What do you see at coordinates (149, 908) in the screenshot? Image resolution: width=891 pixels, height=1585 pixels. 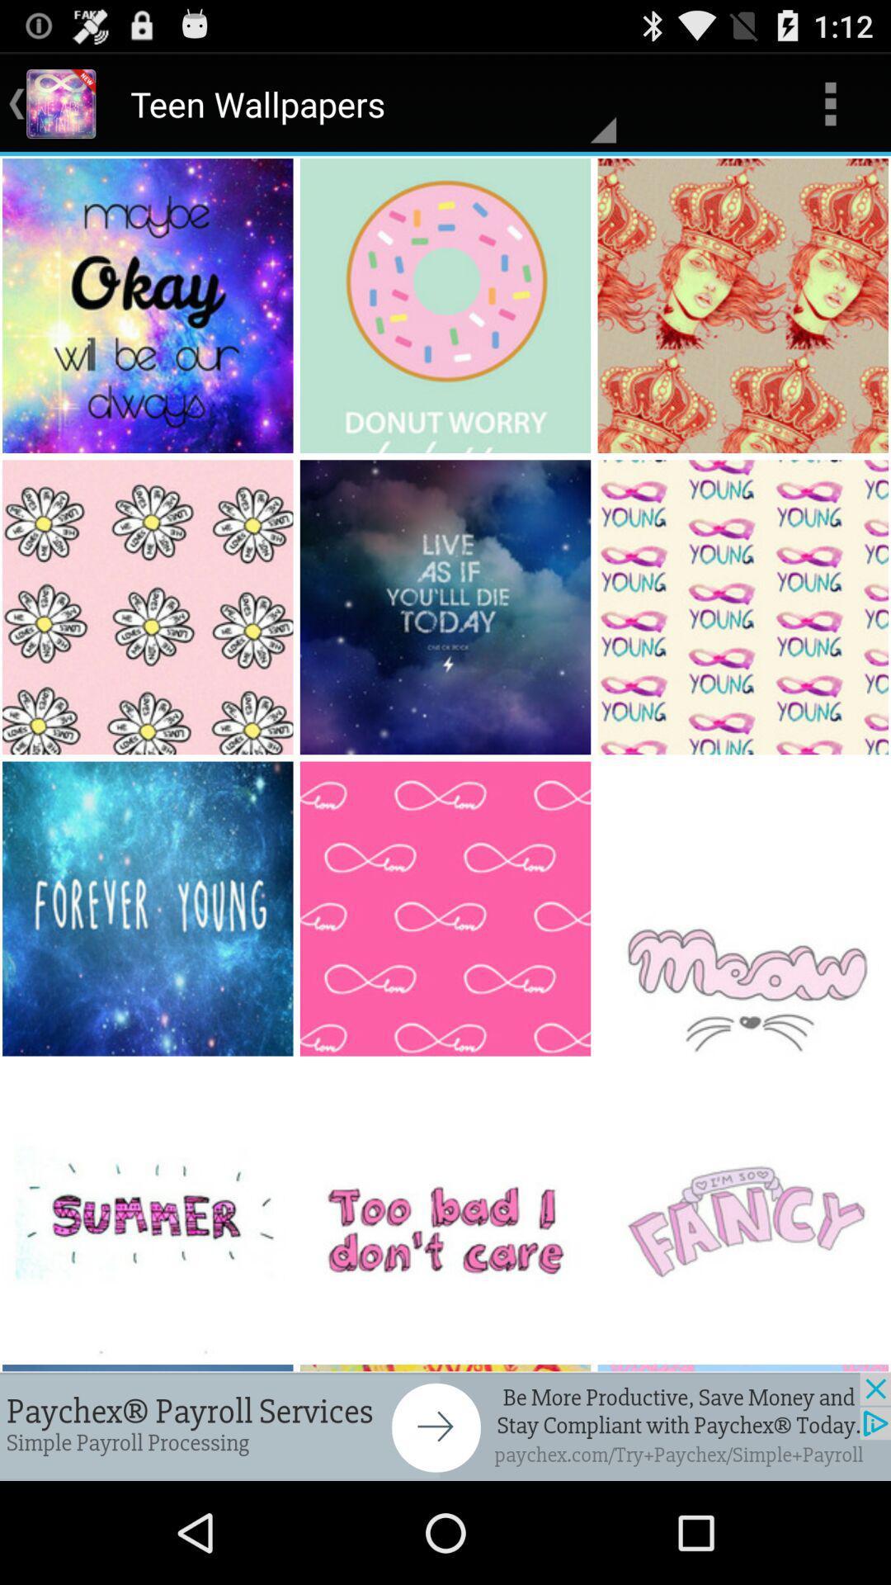 I see `the image  from the bottom left` at bounding box center [149, 908].